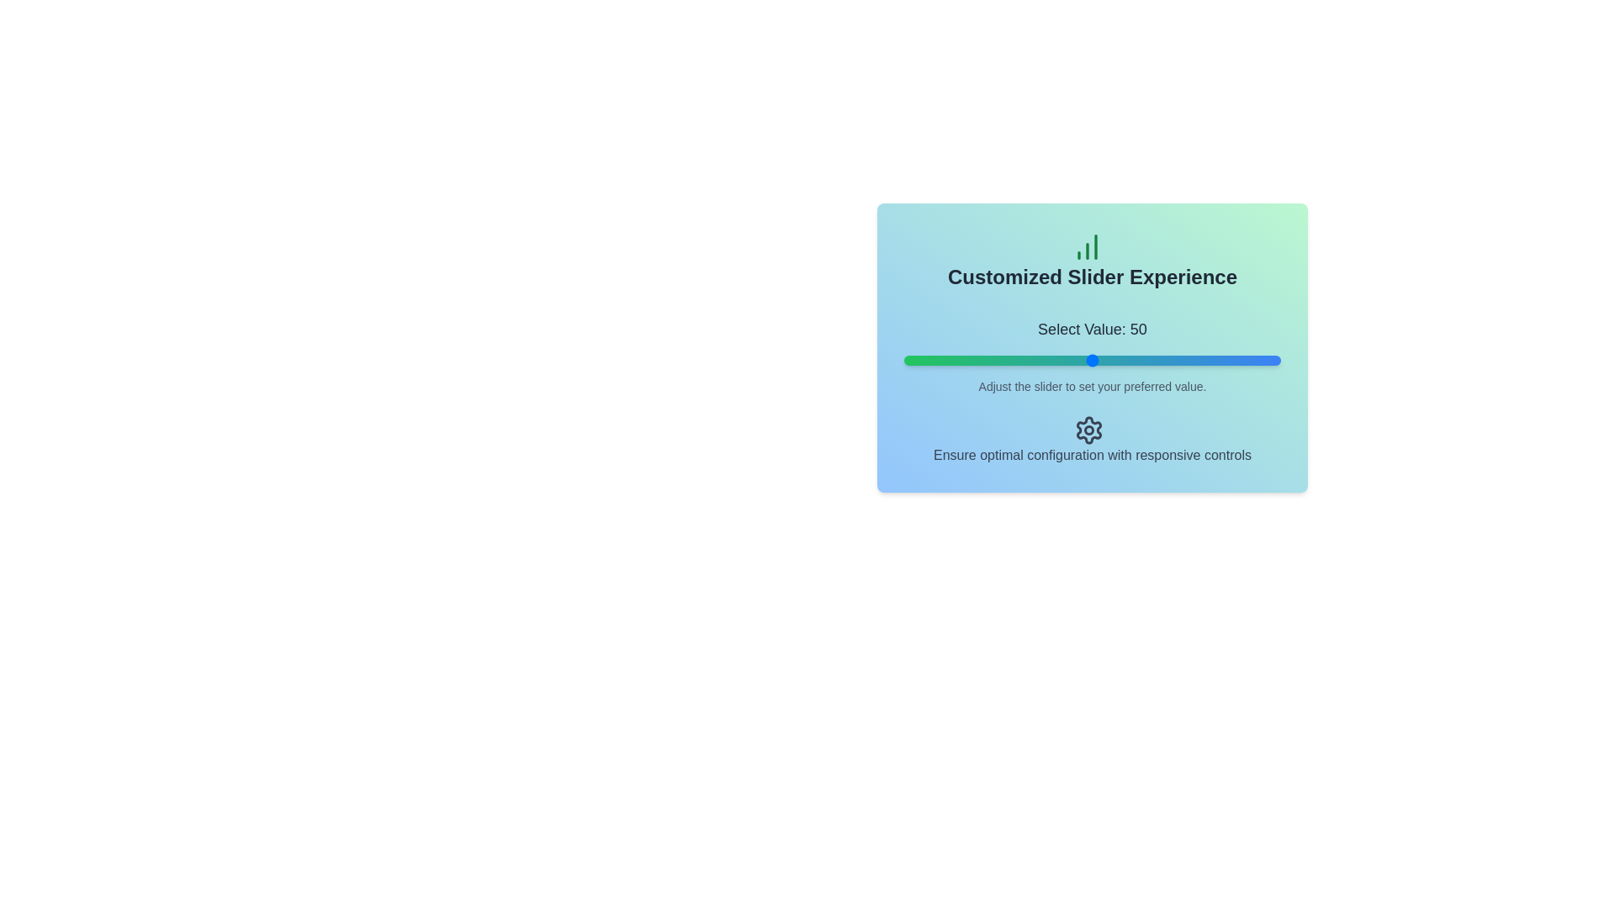 This screenshot has height=908, width=1615. What do you see at coordinates (979, 359) in the screenshot?
I see `the slider to set its value to 20` at bounding box center [979, 359].